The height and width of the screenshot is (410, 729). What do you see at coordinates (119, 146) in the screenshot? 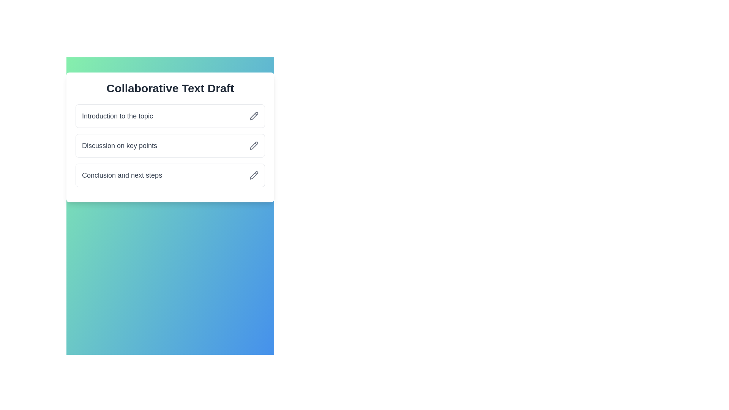
I see `the second text label in the vertical list, which identifies a section between 'Introduction to the topic' and 'Conclusion and next steps.'` at bounding box center [119, 146].